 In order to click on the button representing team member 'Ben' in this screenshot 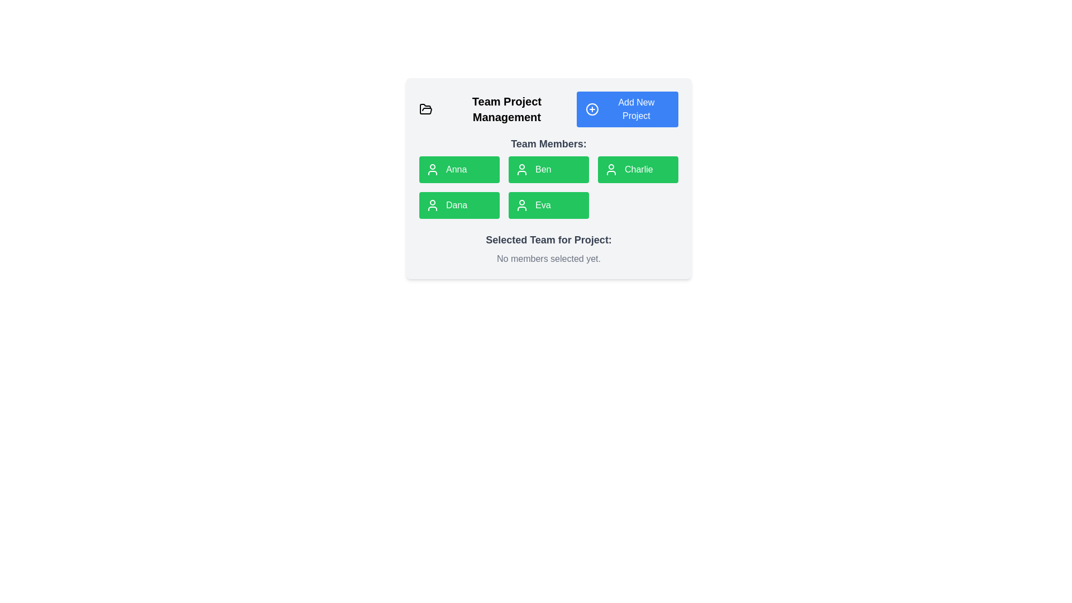, I will do `click(549, 170)`.